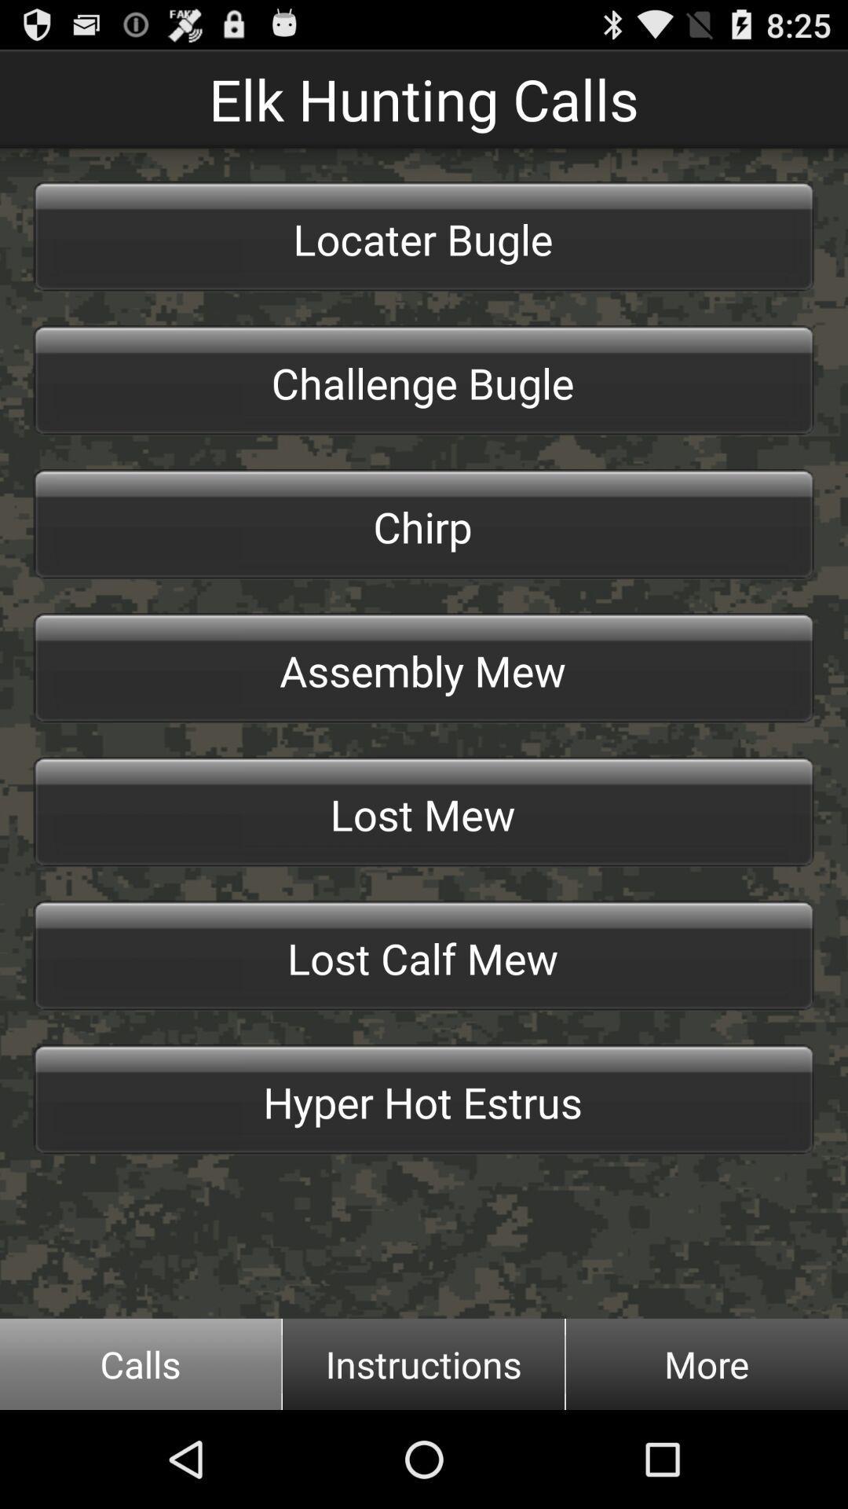 The width and height of the screenshot is (848, 1509). Describe the element at coordinates (424, 1099) in the screenshot. I see `the item below lost calf mew` at that location.